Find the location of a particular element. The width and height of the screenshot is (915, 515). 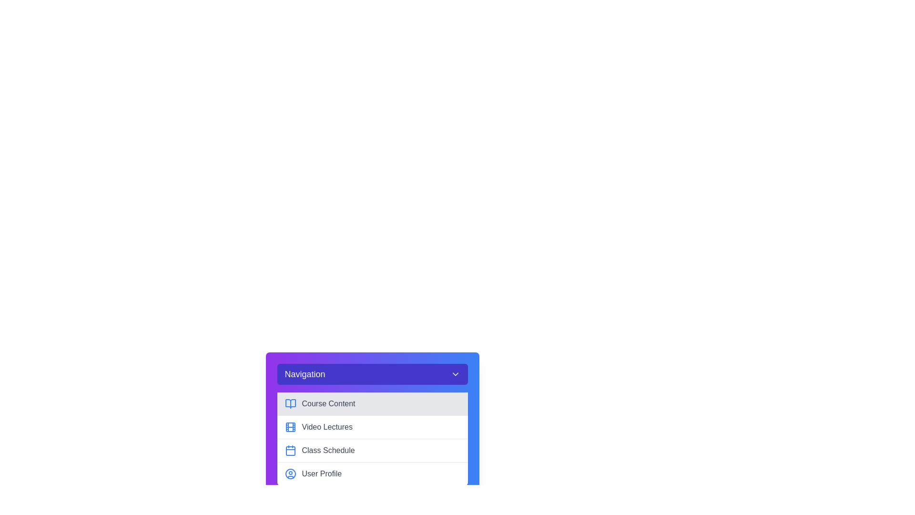

the circular user profile icon, which has a hollow outline and a filled circle inside, located to the left of the 'User Profile' text is located at coordinates (290, 474).